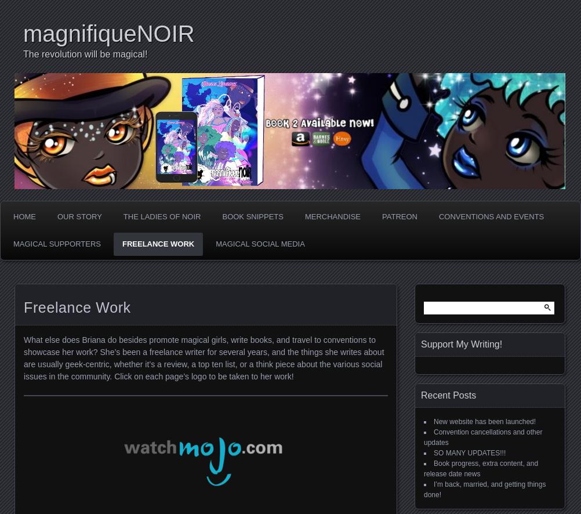 The image size is (581, 514). Describe the element at coordinates (484, 489) in the screenshot. I see `'I’m back, married, and getting things done!'` at that location.